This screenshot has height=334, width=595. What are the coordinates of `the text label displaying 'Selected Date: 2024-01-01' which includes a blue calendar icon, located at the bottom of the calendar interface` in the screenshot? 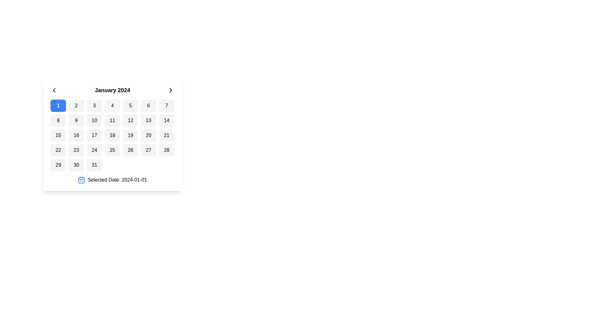 It's located at (112, 180).